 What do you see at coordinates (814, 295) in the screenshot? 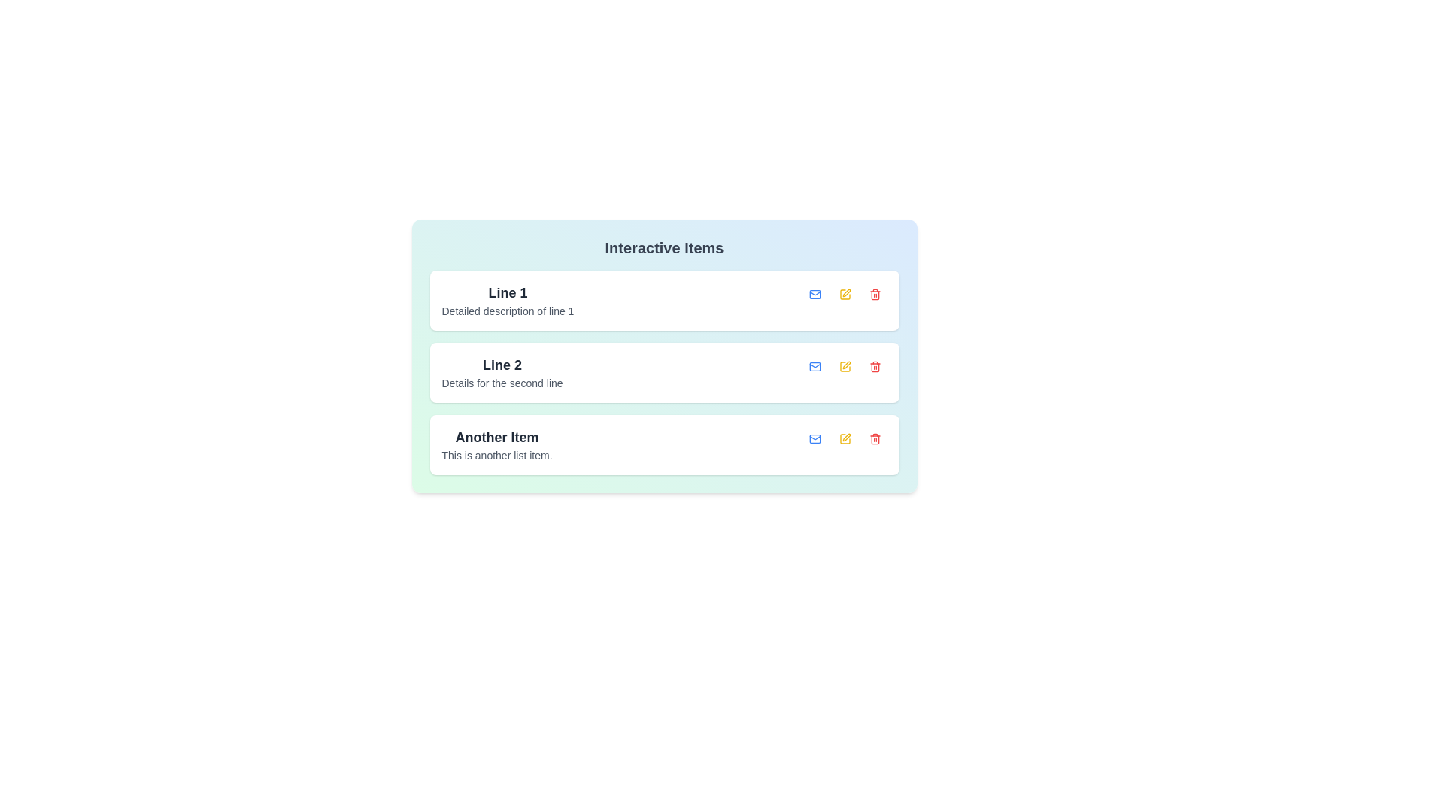
I see `the button with blue hover effect` at bounding box center [814, 295].